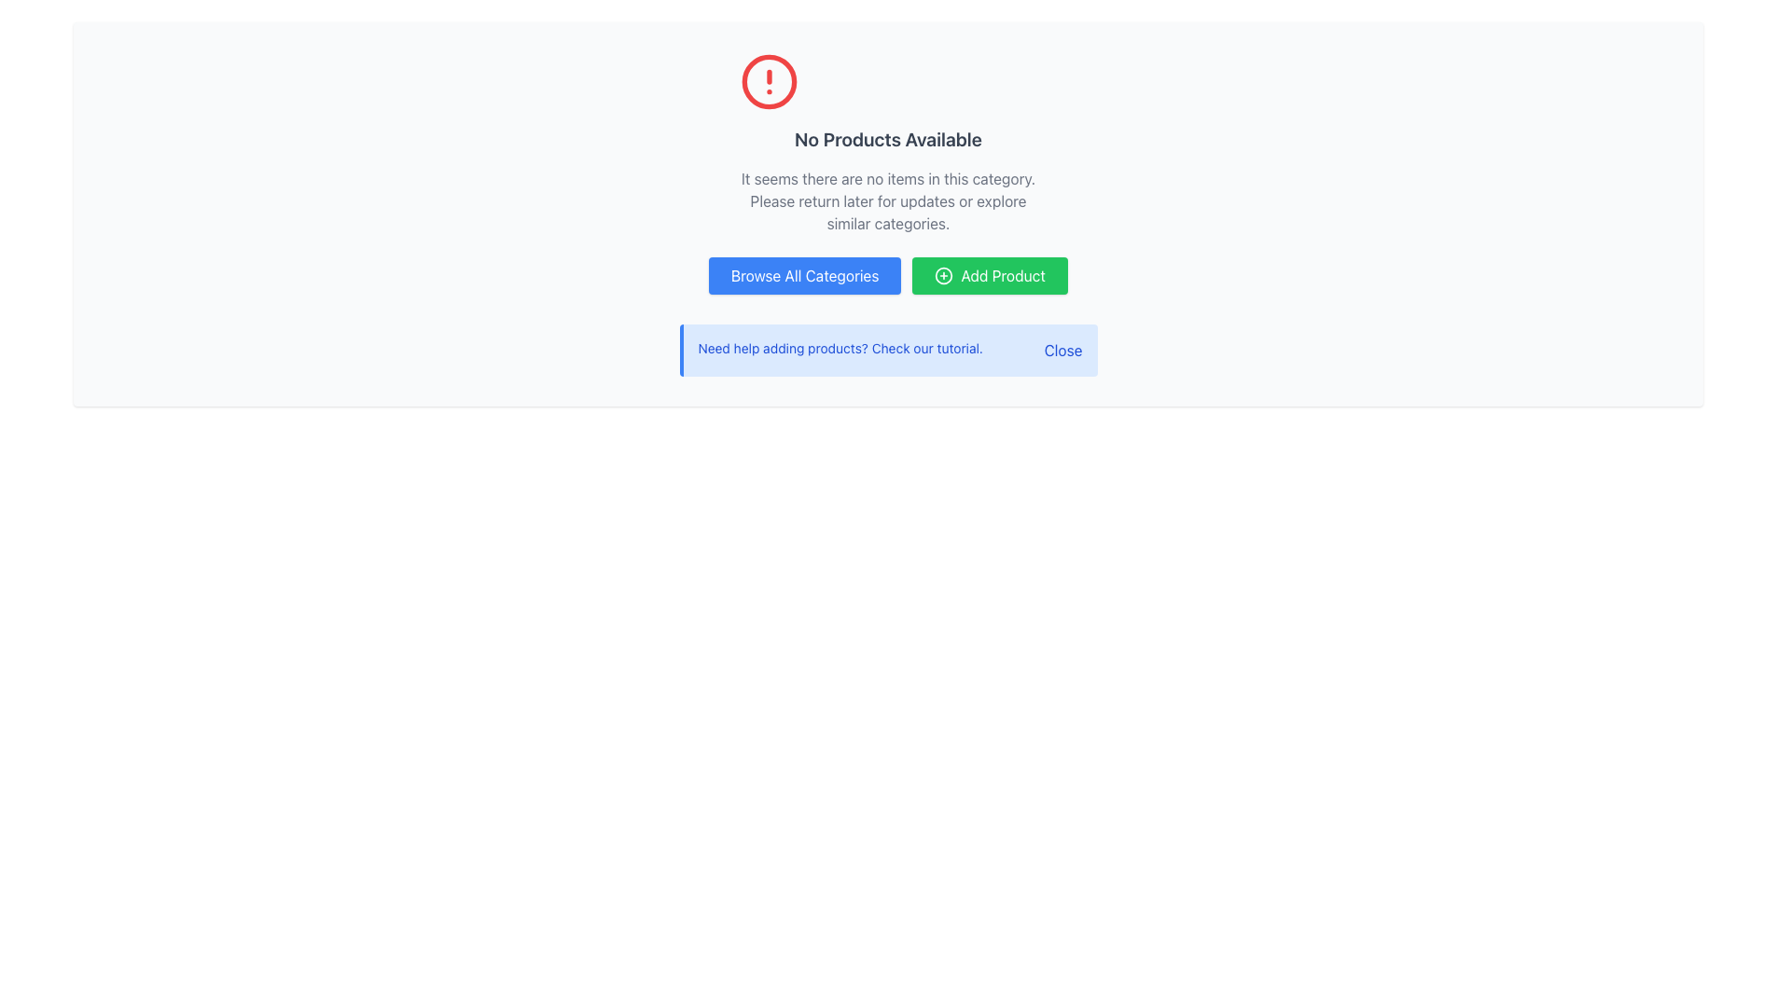  What do you see at coordinates (805, 276) in the screenshot?
I see `the button that directs users to browse all categories, located slightly below the 'no products available' section and to the left of the 'Add Product' button, to trigger visual feedback` at bounding box center [805, 276].